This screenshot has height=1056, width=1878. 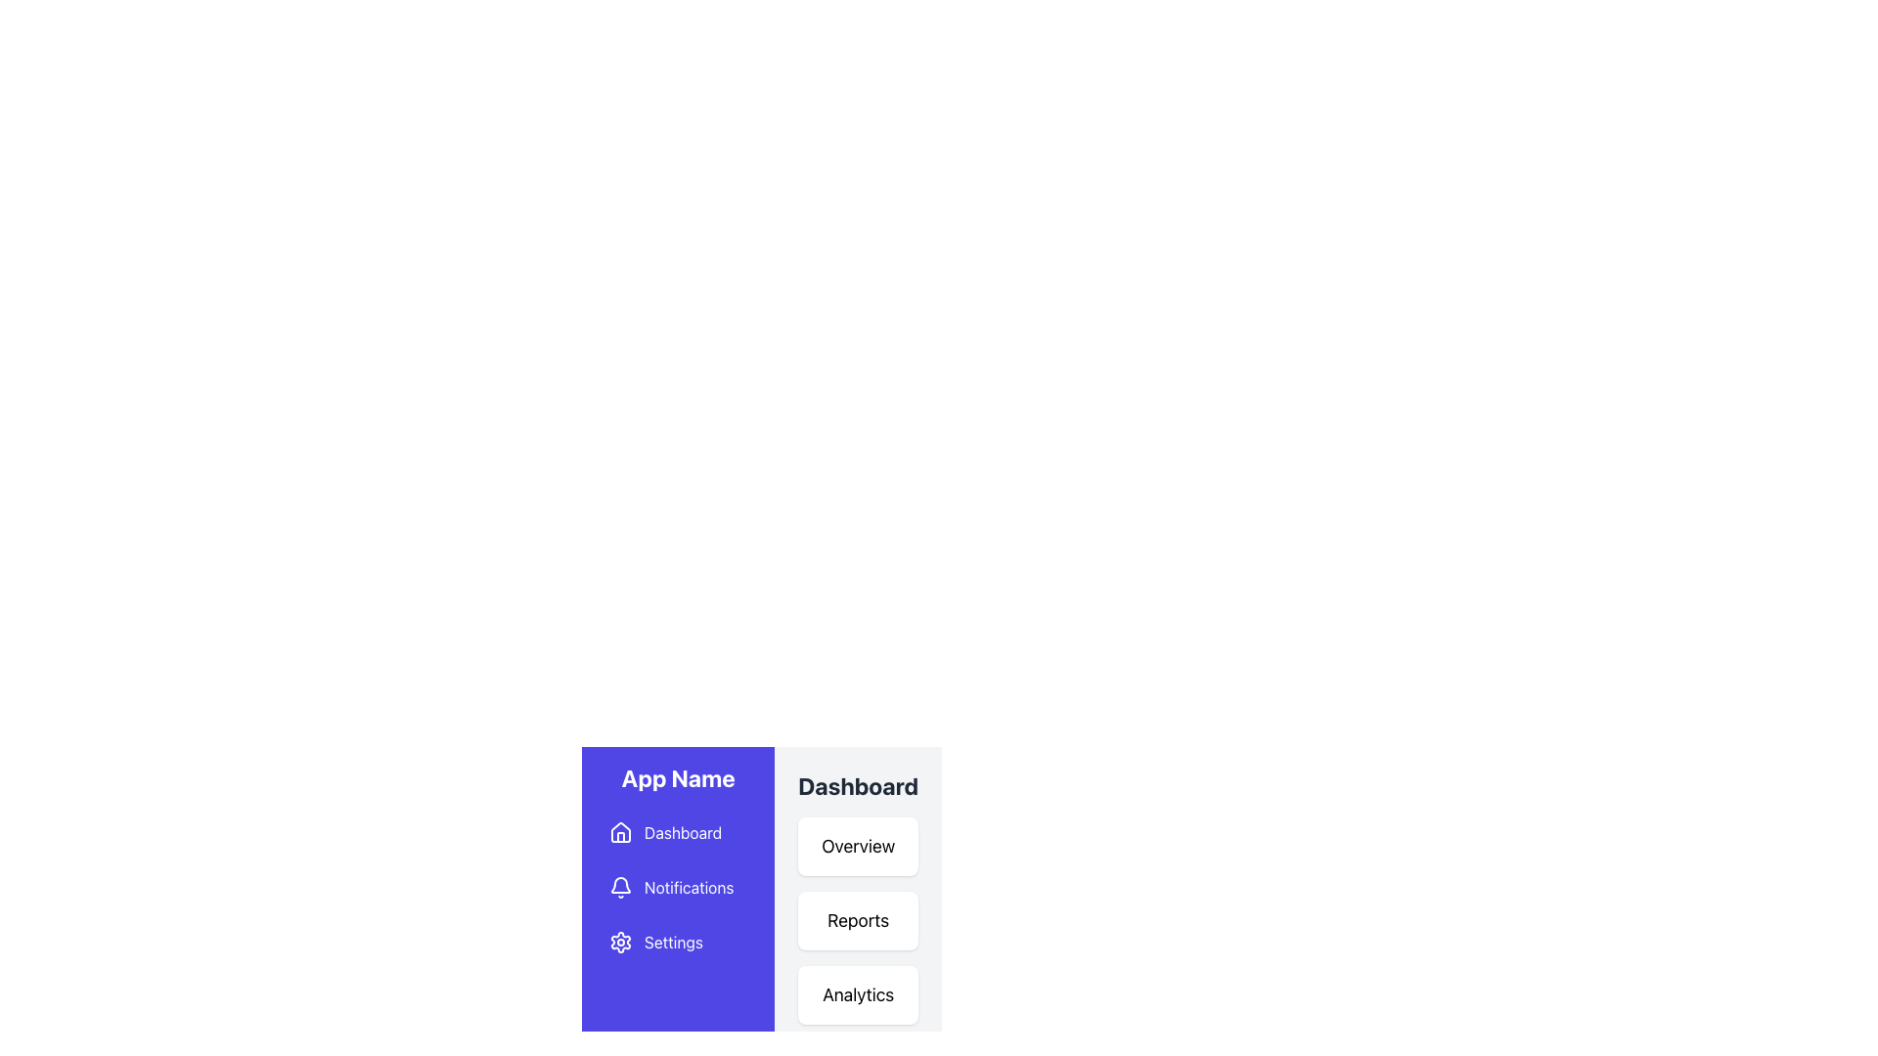 I want to click on the notifications menu item, which is the second item in the vertical navigation menu located in the left panel, positioned below 'Dashboard' and above 'Settings', so click(x=678, y=887).